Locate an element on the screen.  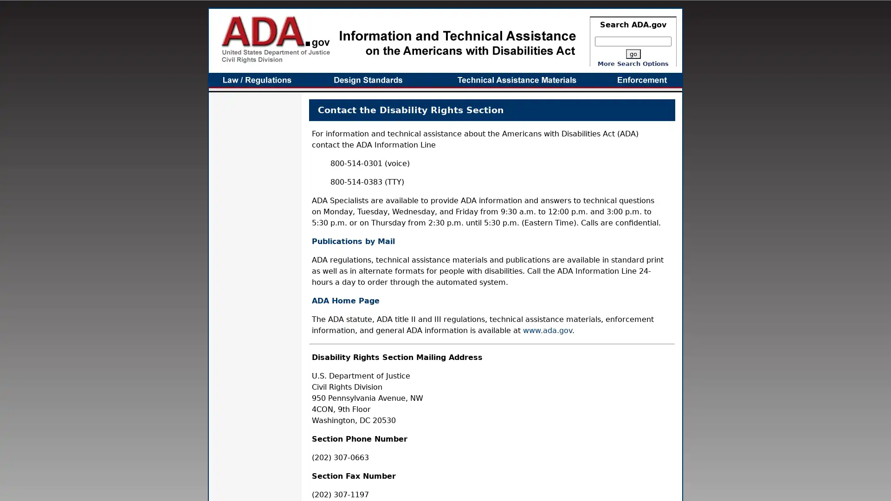
go is located at coordinates (632, 54).